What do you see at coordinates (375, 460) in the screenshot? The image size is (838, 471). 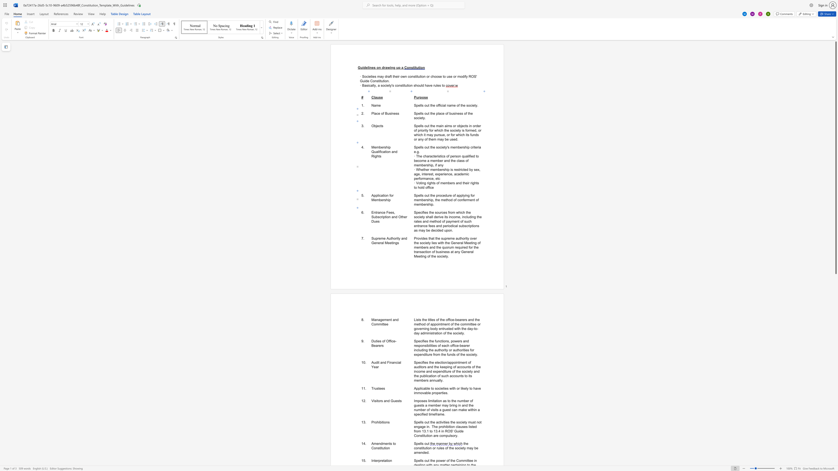 I see `the space between the continuous character "t" and "e" in the text` at bounding box center [375, 460].